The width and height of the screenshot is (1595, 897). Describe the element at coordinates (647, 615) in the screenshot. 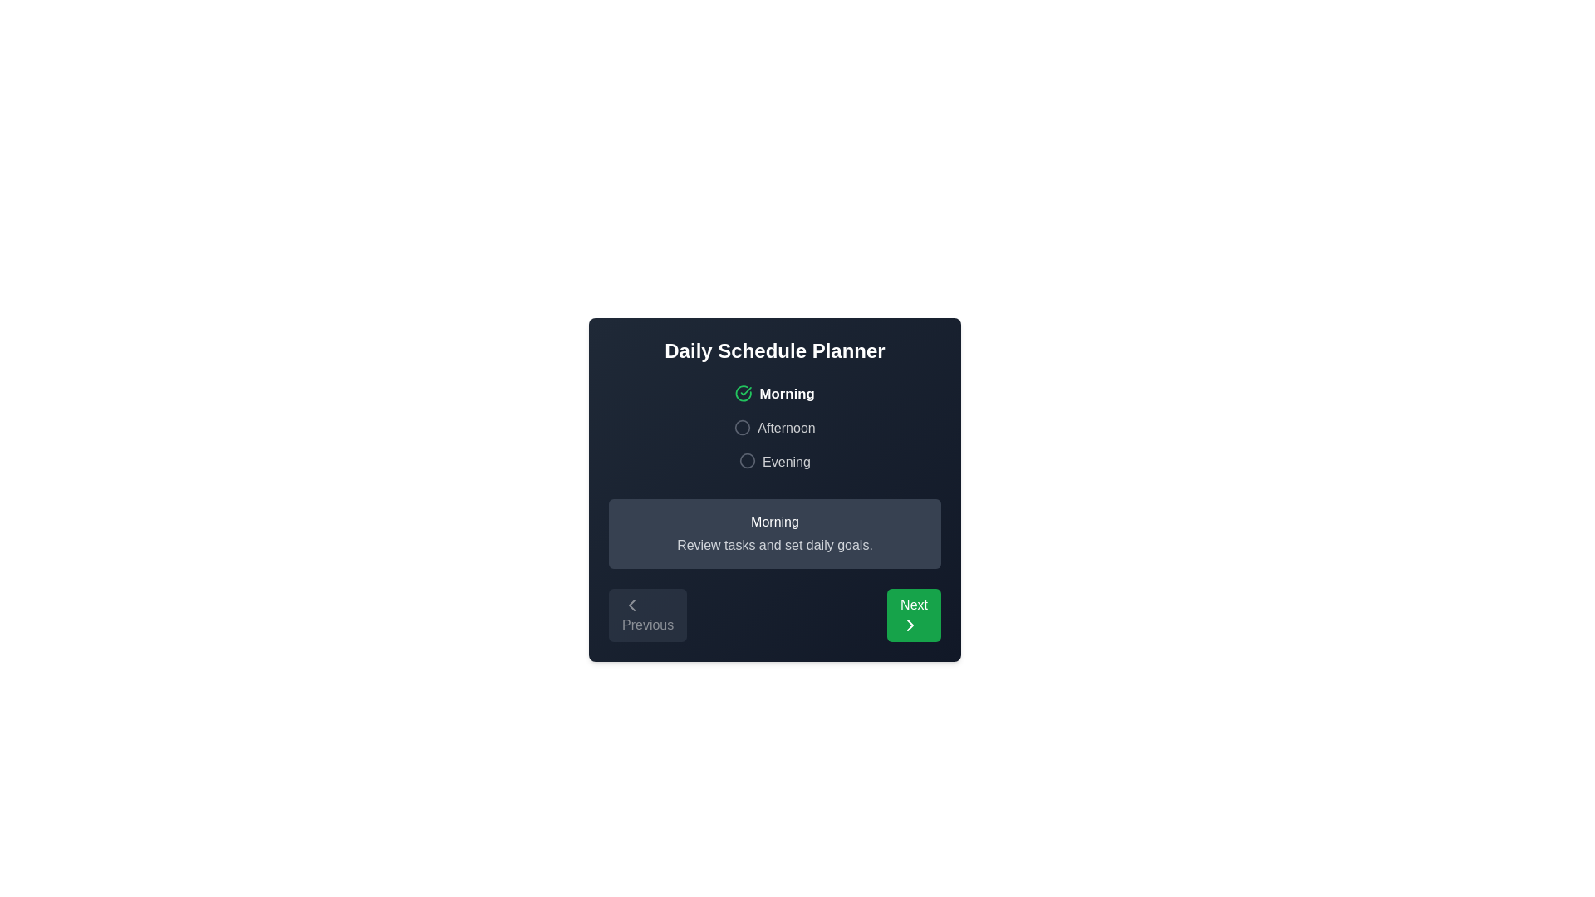

I see `the 'Previous' button with a dark gray background and a left-pointing chevron icon, located at the bottom-left of the 'Daily Schedule Planner' modal` at that location.